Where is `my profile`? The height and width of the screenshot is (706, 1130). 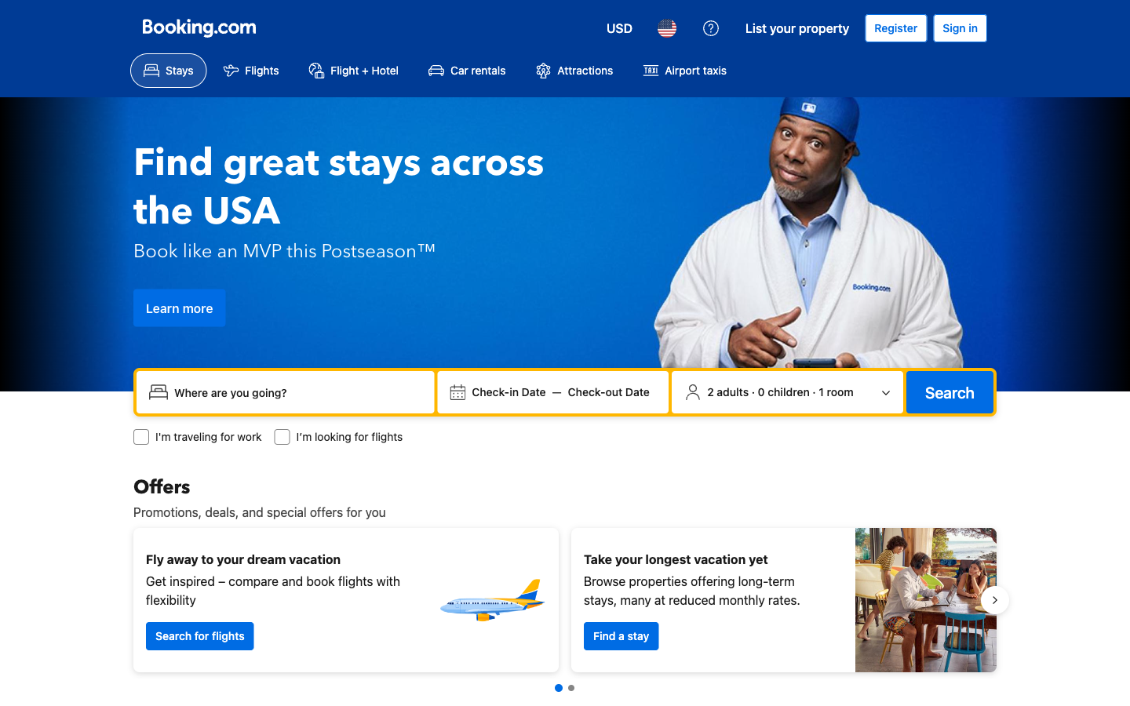 my profile is located at coordinates (959, 27).